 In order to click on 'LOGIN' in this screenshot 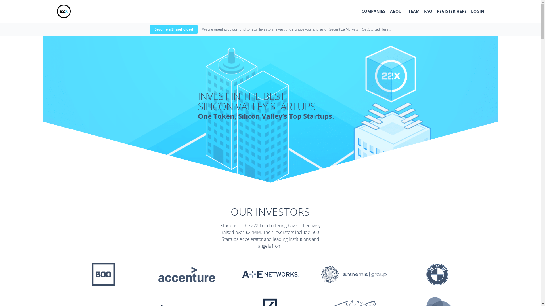, I will do `click(477, 11)`.